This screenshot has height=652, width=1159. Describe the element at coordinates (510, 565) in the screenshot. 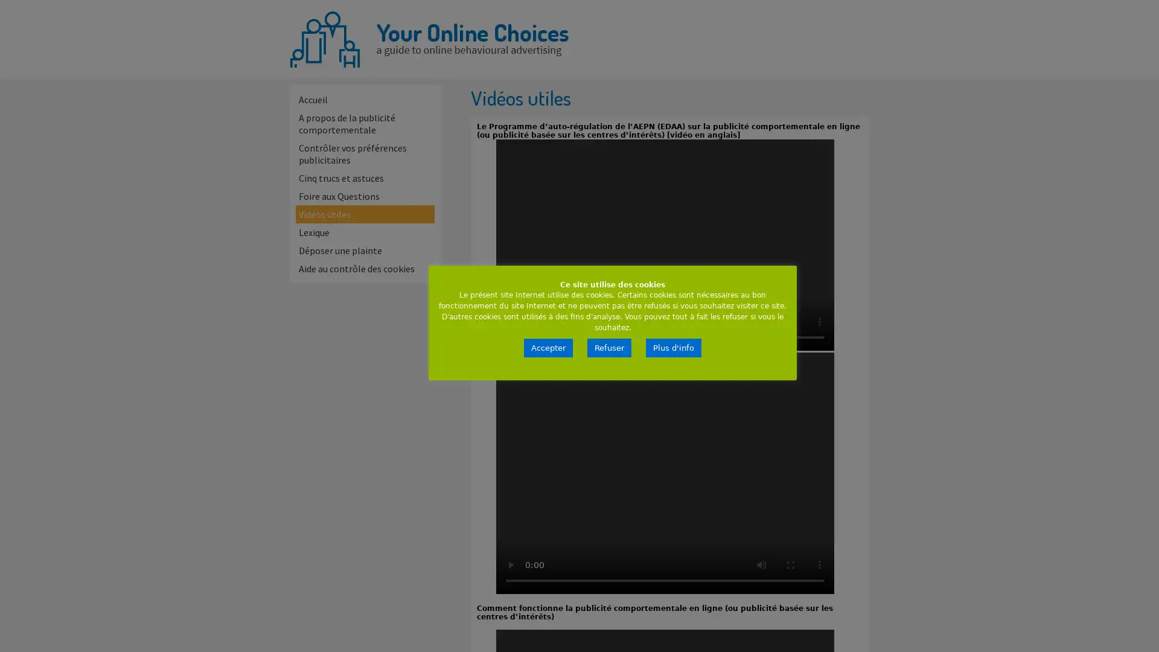

I see `play` at that location.